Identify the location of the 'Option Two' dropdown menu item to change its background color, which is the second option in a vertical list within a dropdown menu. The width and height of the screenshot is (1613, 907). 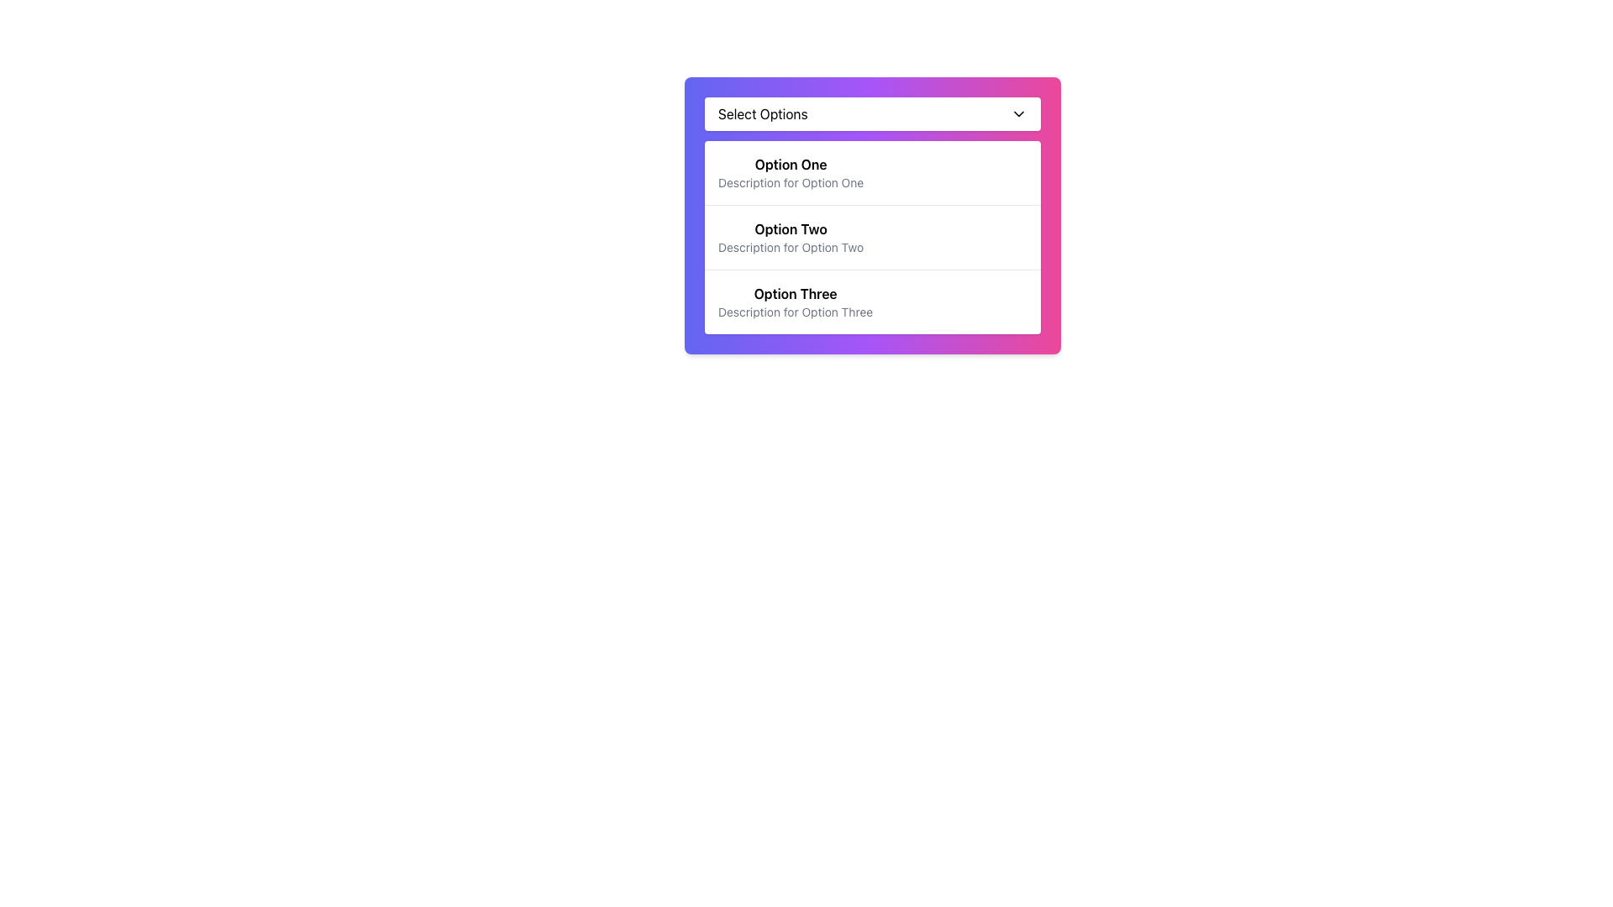
(872, 237).